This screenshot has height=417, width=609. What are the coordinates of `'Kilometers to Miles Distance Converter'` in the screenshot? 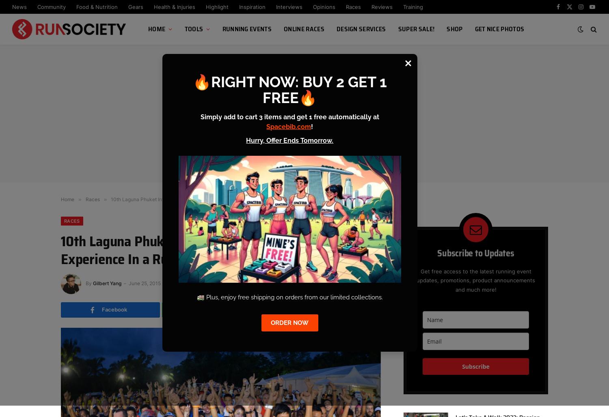 It's located at (187, 110).